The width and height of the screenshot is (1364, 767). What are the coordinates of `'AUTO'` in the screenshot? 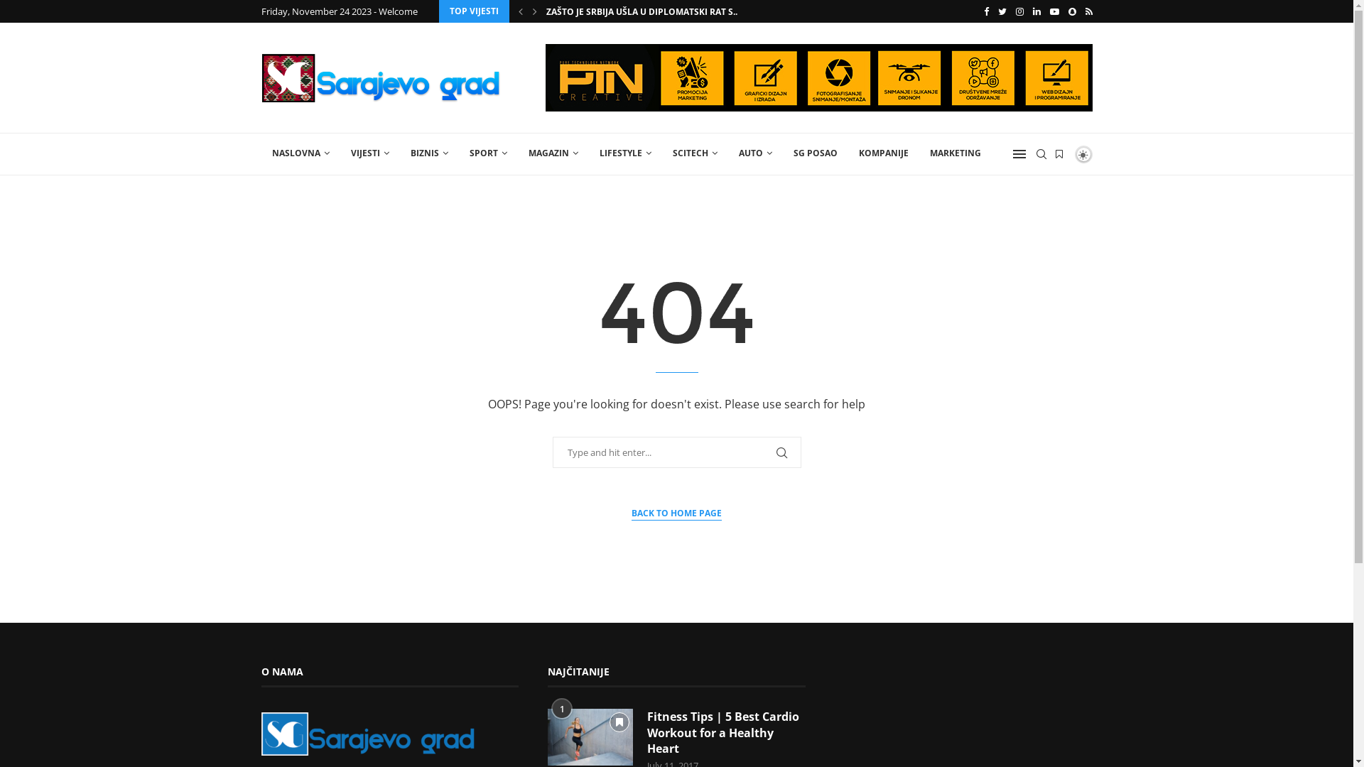 It's located at (754, 153).